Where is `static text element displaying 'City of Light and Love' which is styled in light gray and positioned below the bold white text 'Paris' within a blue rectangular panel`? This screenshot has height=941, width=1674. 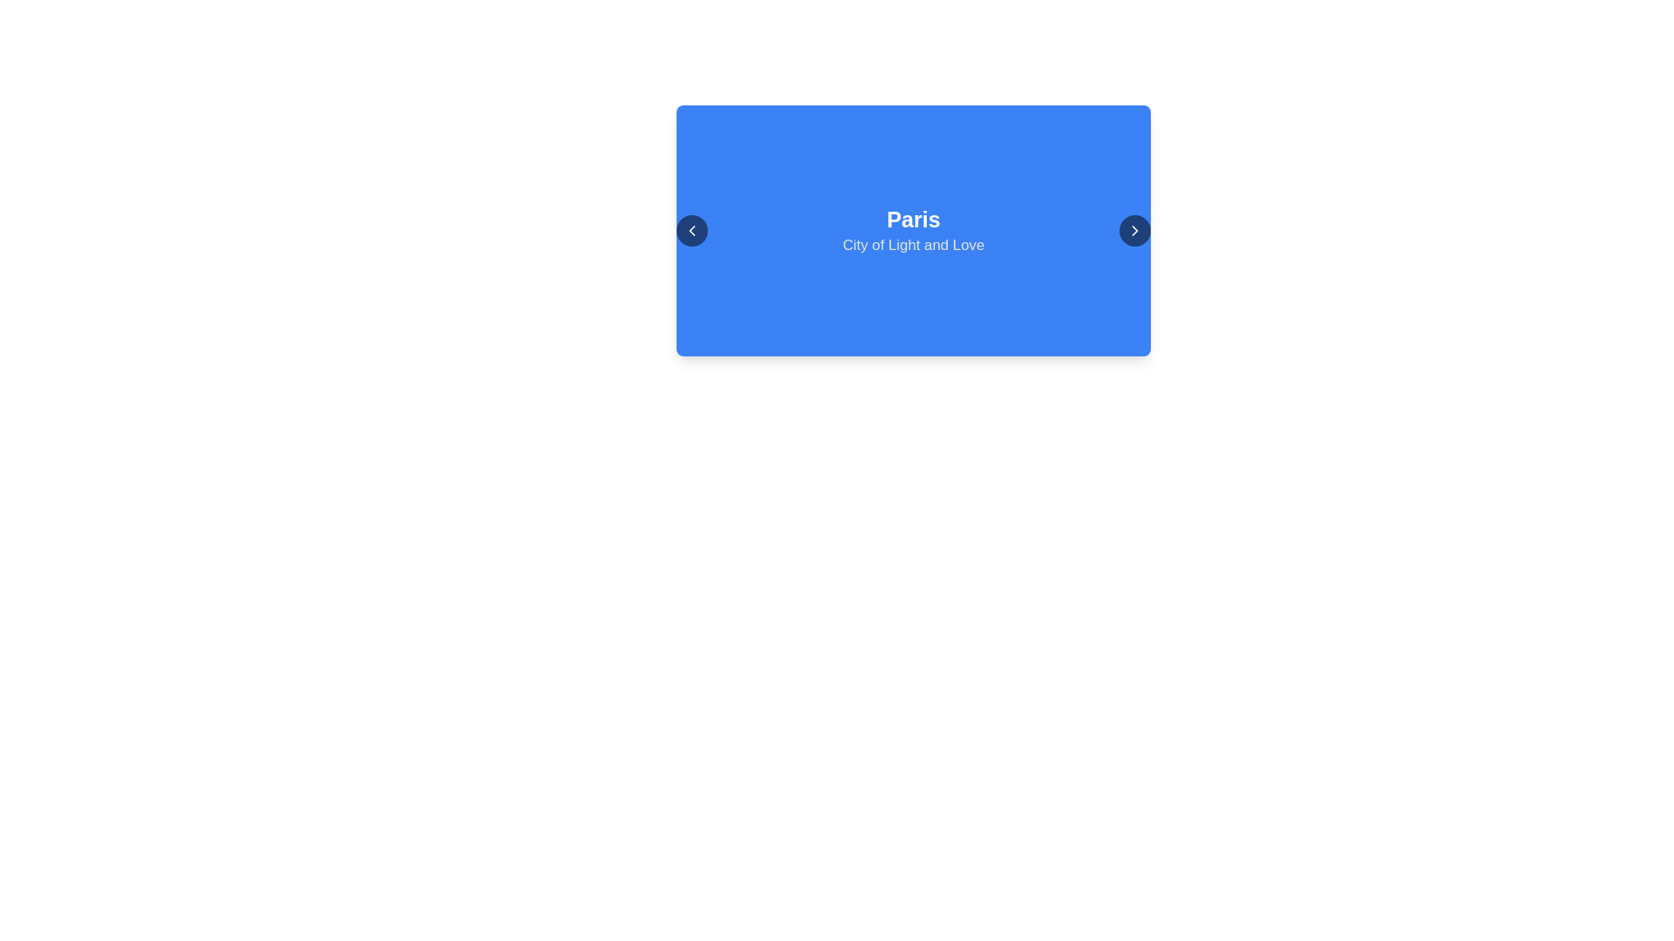 static text element displaying 'City of Light and Love' which is styled in light gray and positioned below the bold white text 'Paris' within a blue rectangular panel is located at coordinates (912, 245).